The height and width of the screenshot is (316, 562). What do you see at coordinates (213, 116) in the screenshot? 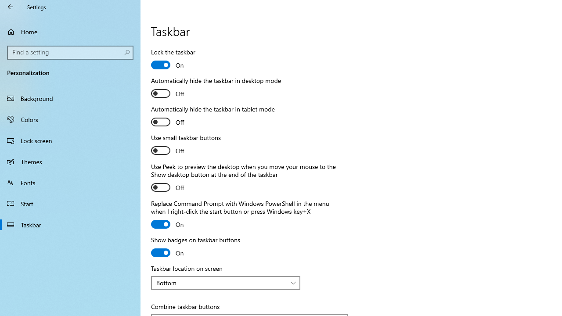
I see `'Automatically hide the taskbar in tablet mode'` at bounding box center [213, 116].